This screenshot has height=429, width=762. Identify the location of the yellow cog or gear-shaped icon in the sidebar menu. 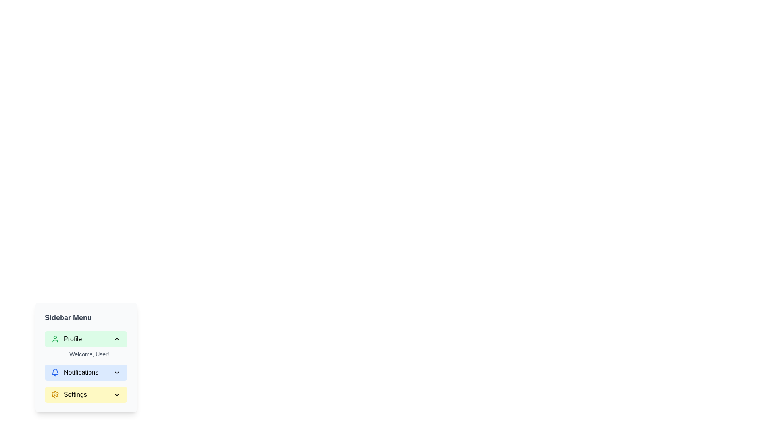
(55, 395).